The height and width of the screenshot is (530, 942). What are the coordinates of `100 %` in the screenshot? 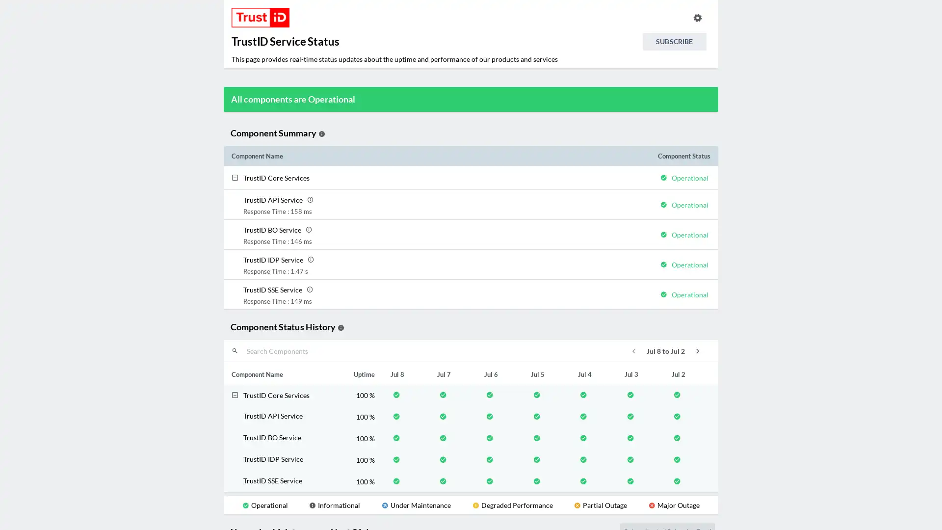 It's located at (365, 480).